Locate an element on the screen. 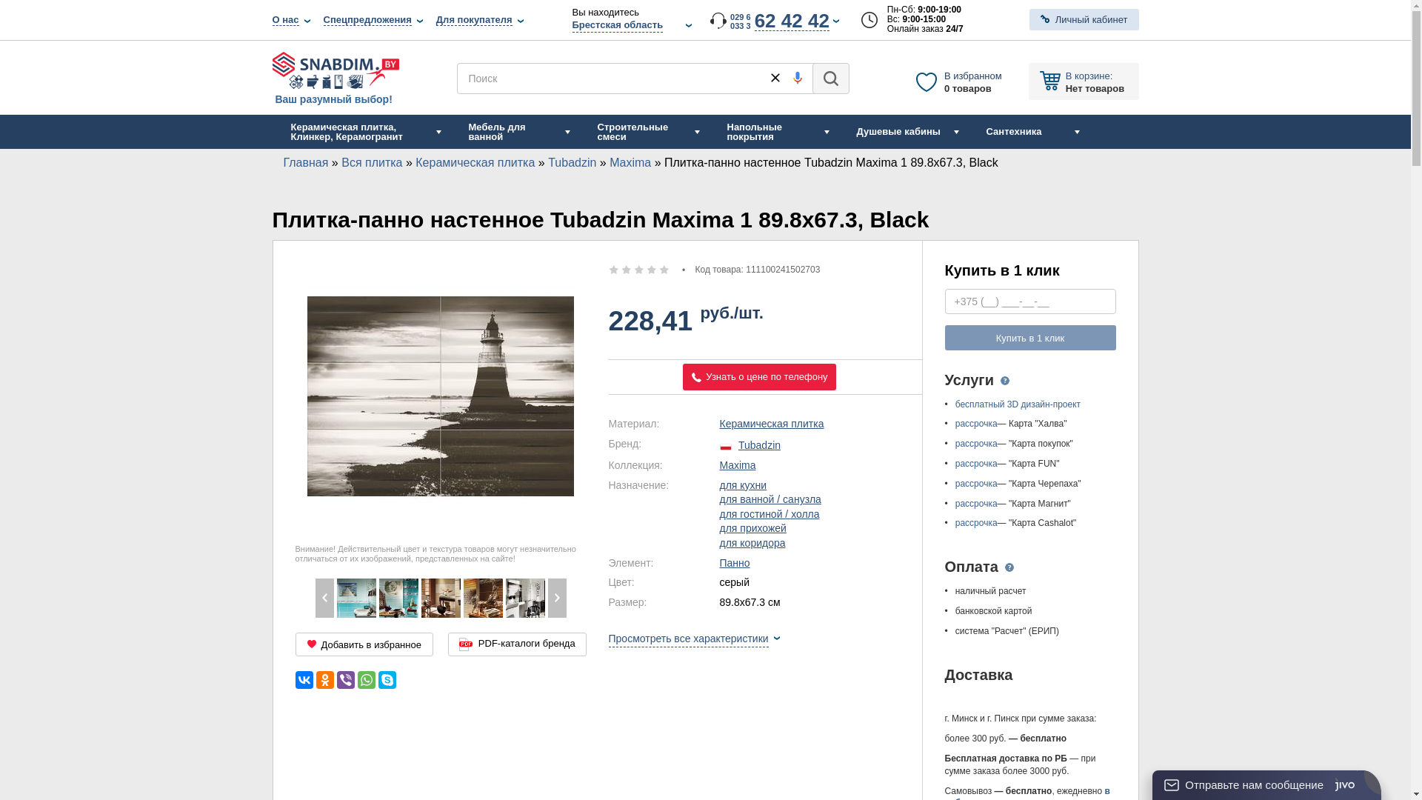 Image resolution: width=1422 pixels, height=800 pixels. 'Maxima' is located at coordinates (738, 464).